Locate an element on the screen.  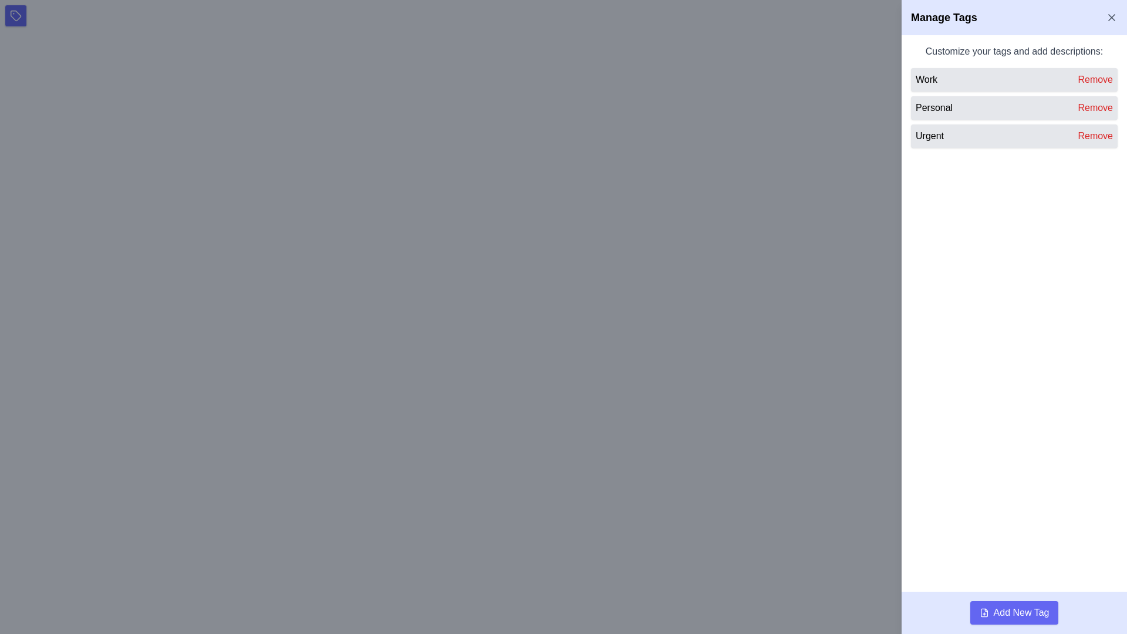
the rectangular button with rounded corners and a purple background that says 'Add New Tag' is located at coordinates (1014, 612).